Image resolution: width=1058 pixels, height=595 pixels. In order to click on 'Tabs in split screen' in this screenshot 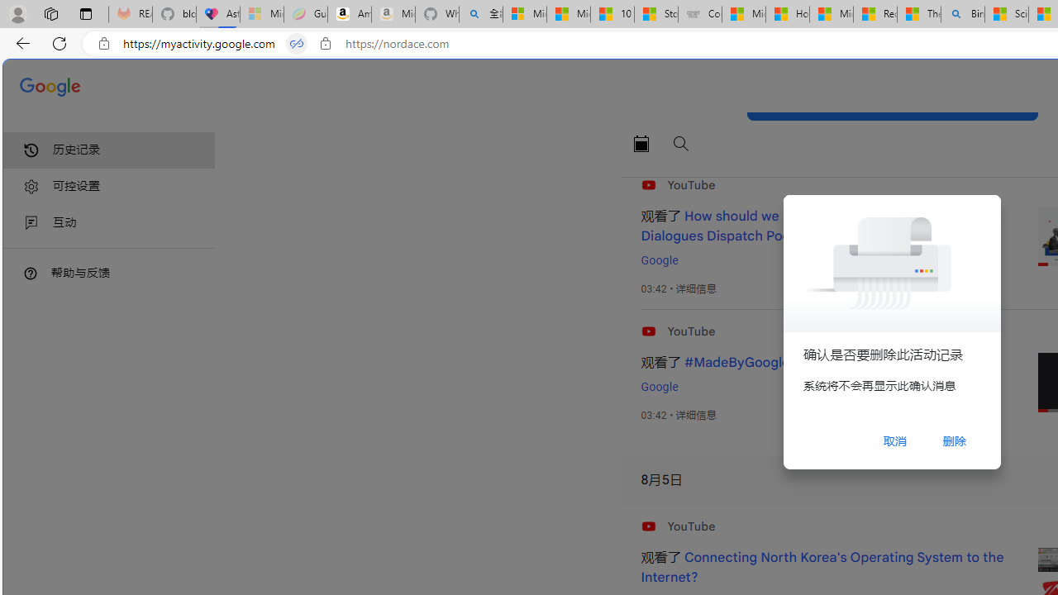, I will do `click(297, 43)`.